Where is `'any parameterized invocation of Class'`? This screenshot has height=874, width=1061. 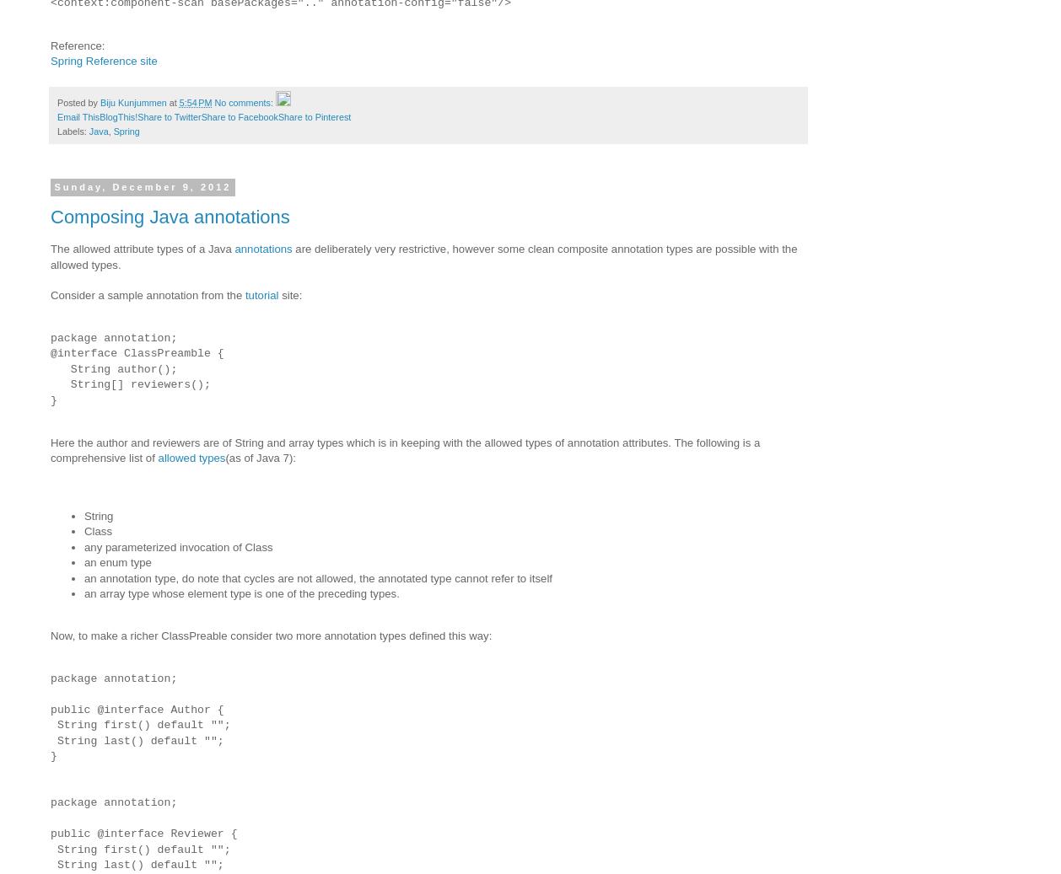 'any parameterized invocation of Class' is located at coordinates (84, 546).